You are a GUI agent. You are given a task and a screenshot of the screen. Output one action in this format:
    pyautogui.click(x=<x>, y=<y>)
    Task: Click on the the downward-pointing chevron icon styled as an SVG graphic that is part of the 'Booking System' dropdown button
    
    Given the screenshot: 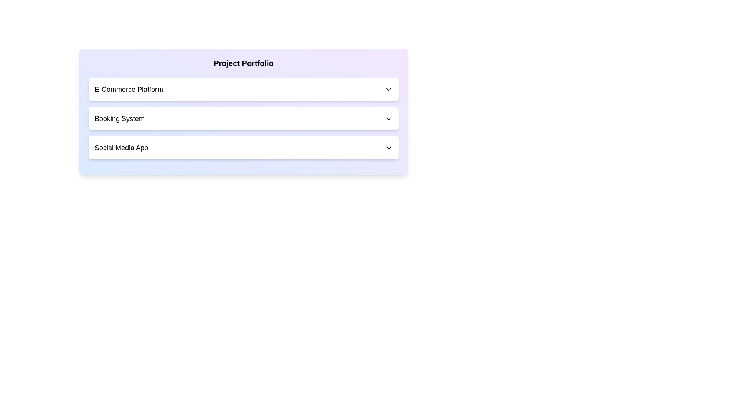 What is the action you would take?
    pyautogui.click(x=388, y=118)
    